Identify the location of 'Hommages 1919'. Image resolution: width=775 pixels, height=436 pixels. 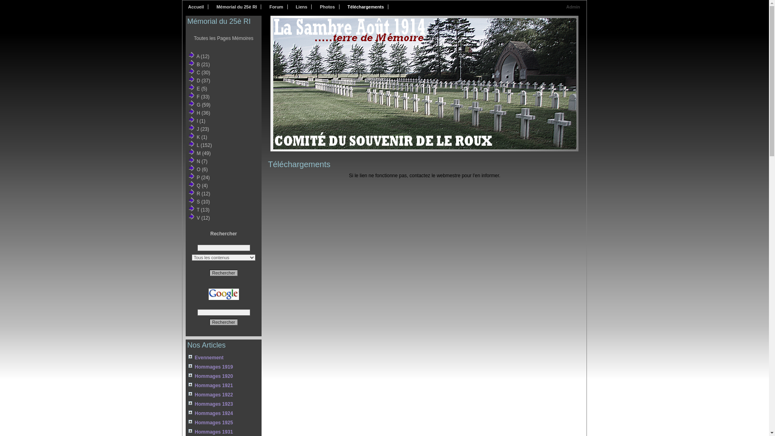
(187, 367).